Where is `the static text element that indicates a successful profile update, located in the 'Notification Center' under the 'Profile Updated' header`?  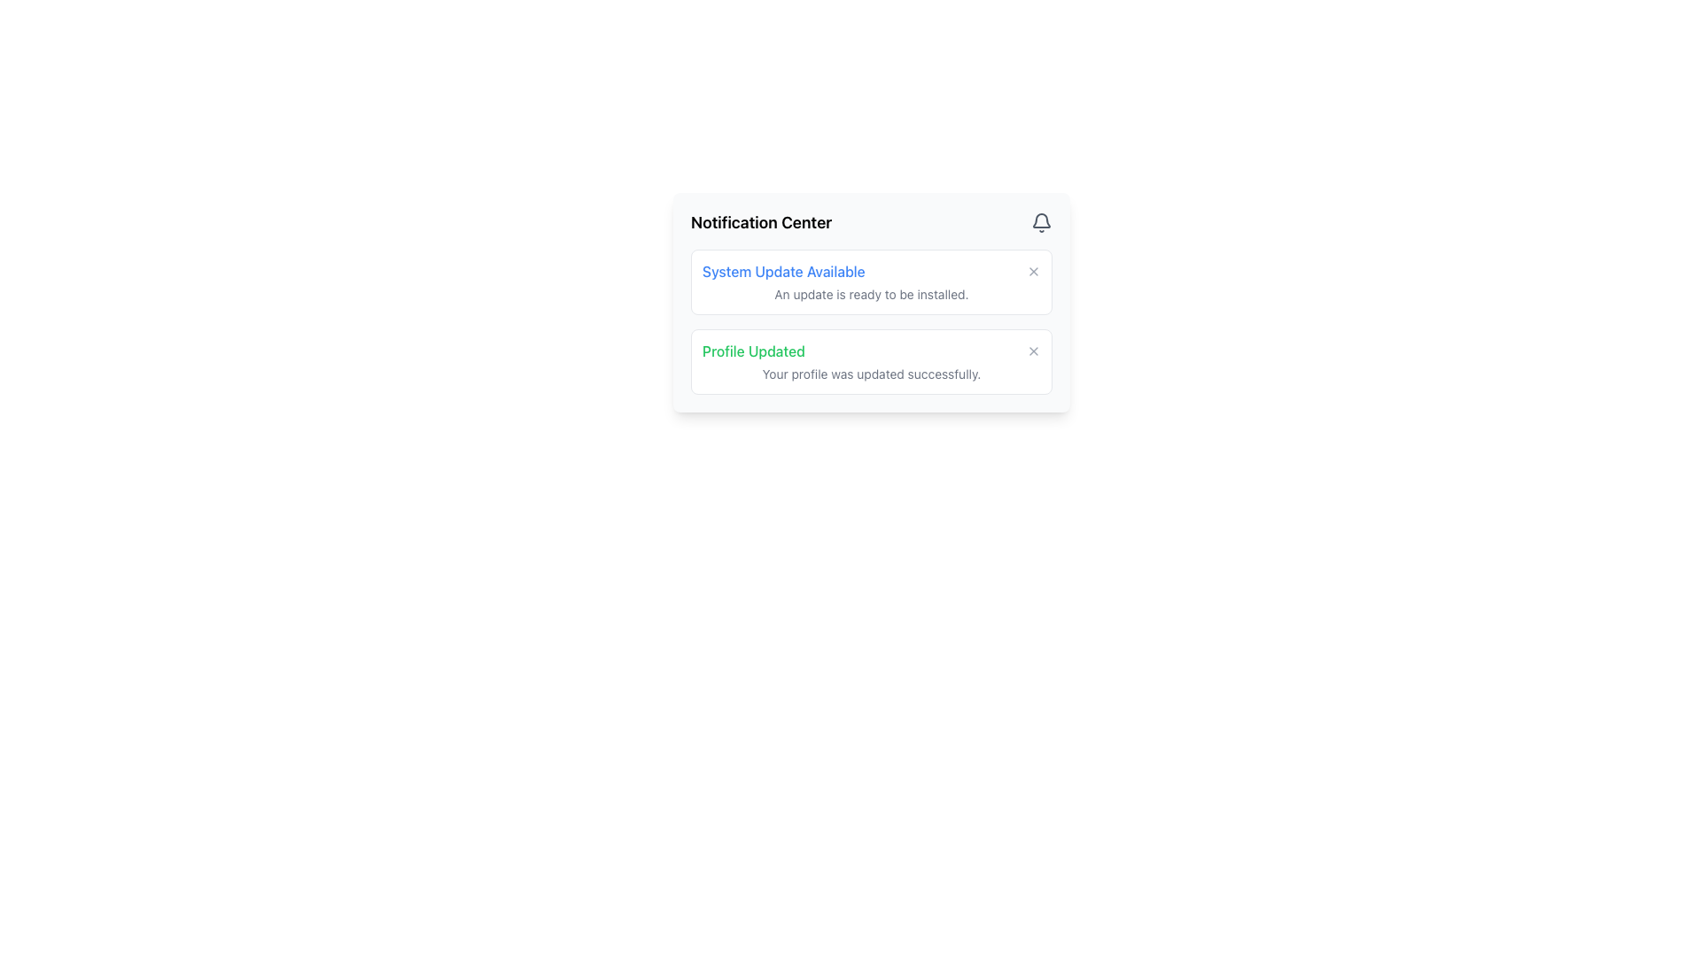 the static text element that indicates a successful profile update, located in the 'Notification Center' under the 'Profile Updated' header is located at coordinates (871, 374).